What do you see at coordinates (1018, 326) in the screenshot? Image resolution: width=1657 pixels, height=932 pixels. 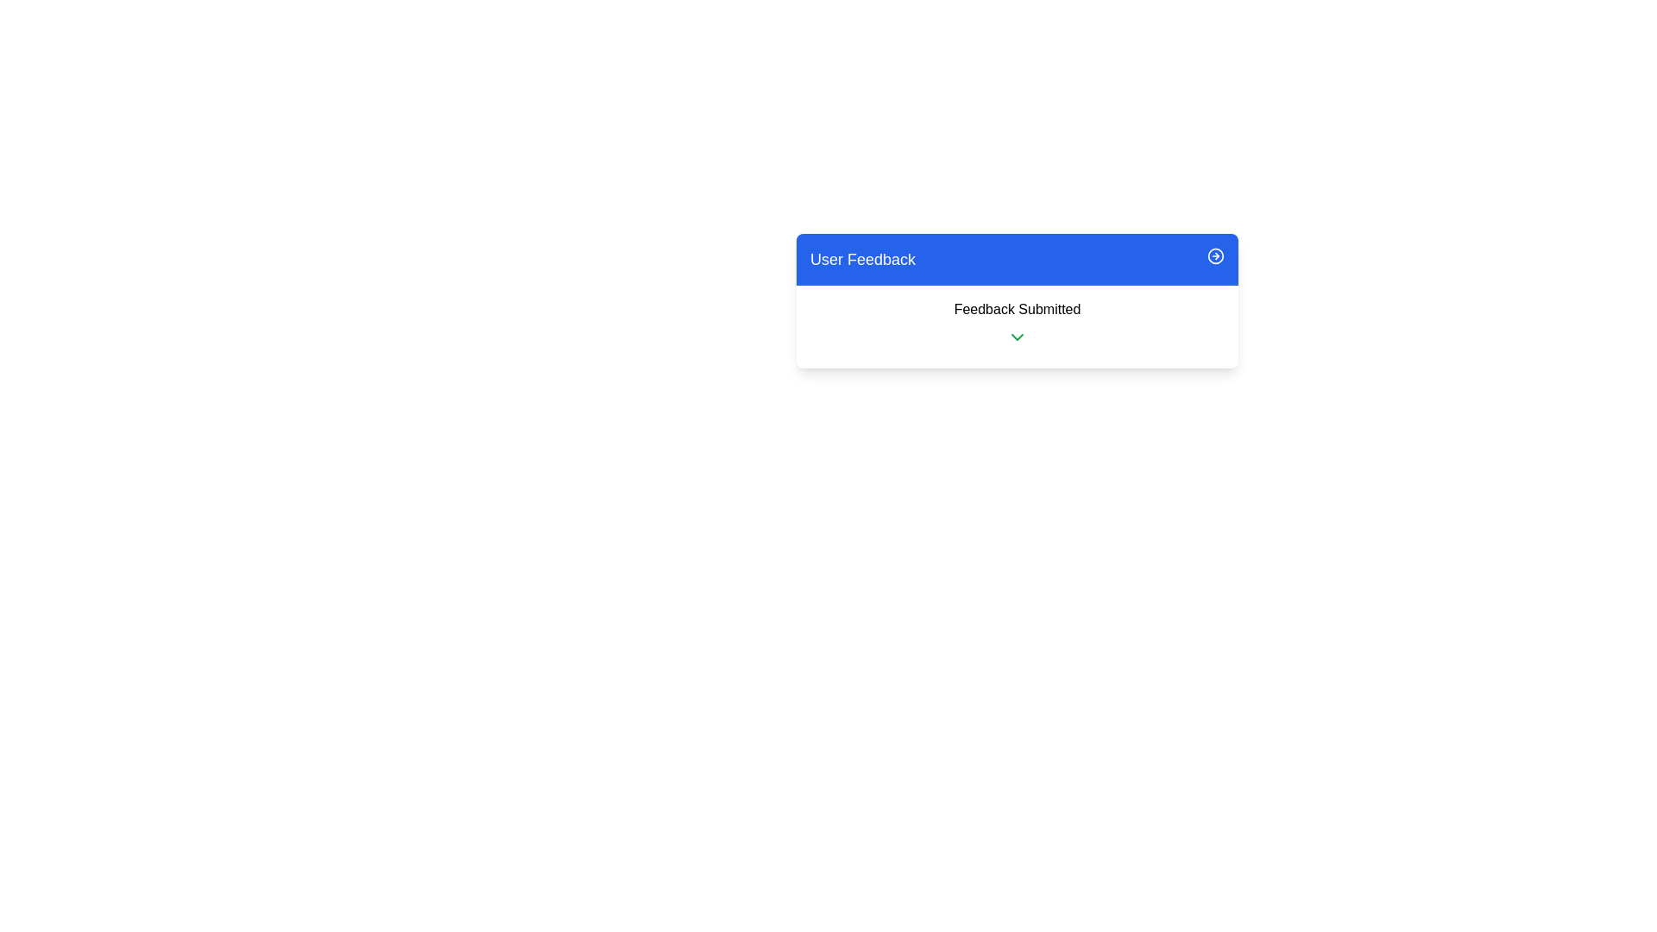 I see `the acknowledgment Text block with an icon that indicates successful feedback submission, located beneath the 'User Feedback' title` at bounding box center [1018, 326].